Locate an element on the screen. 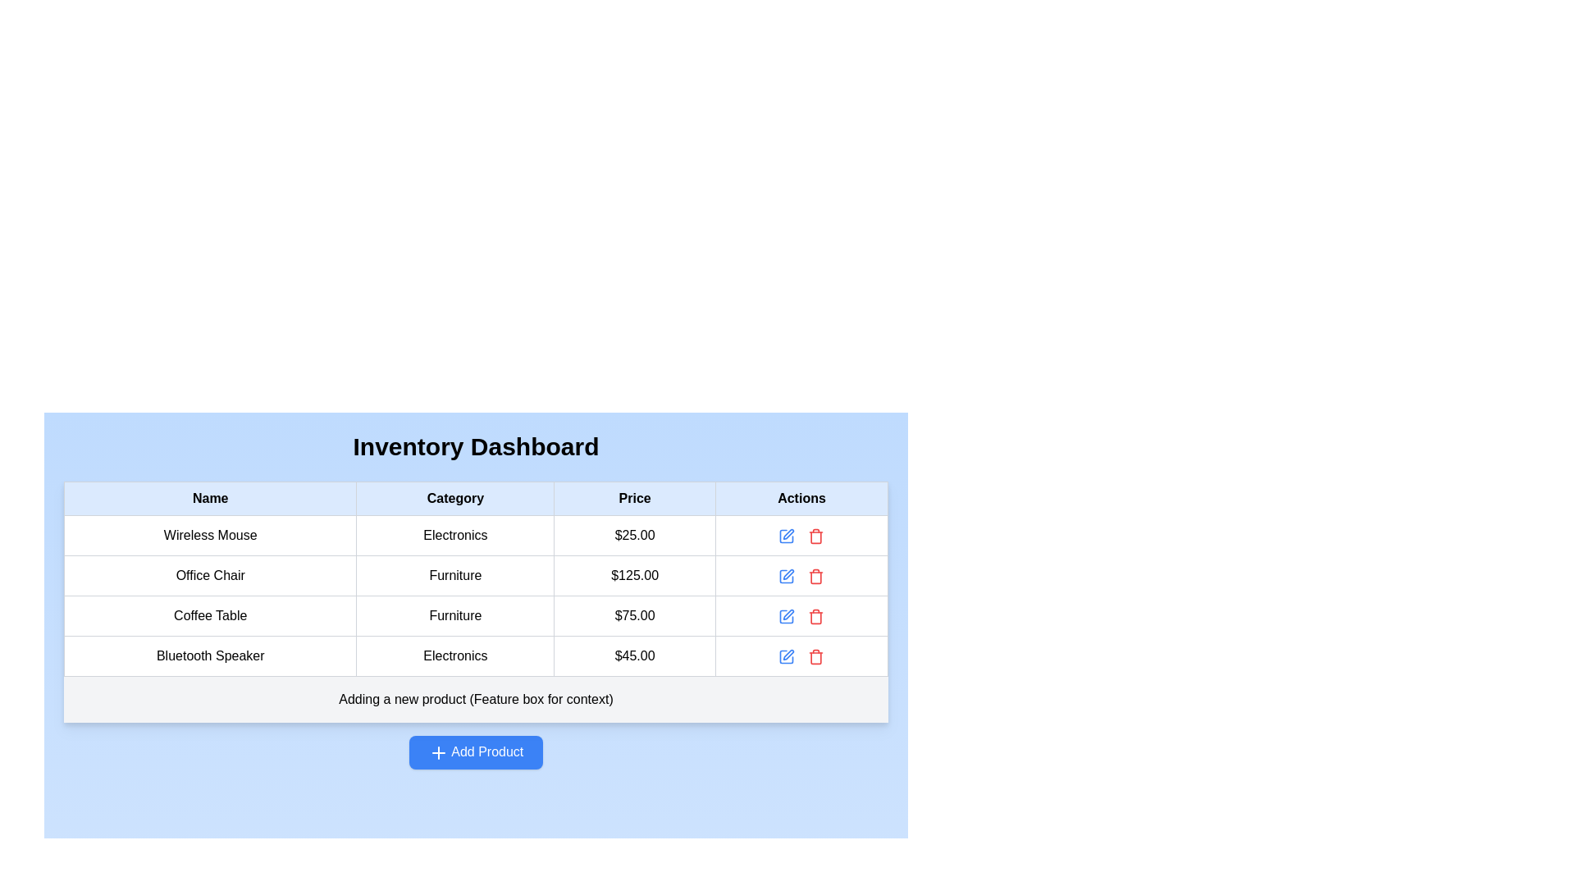 This screenshot has width=1575, height=886. the price text element displaying the 'Office Chair' price, located in the 'Price' column of the table as the third cell from the left is located at coordinates (634, 575).